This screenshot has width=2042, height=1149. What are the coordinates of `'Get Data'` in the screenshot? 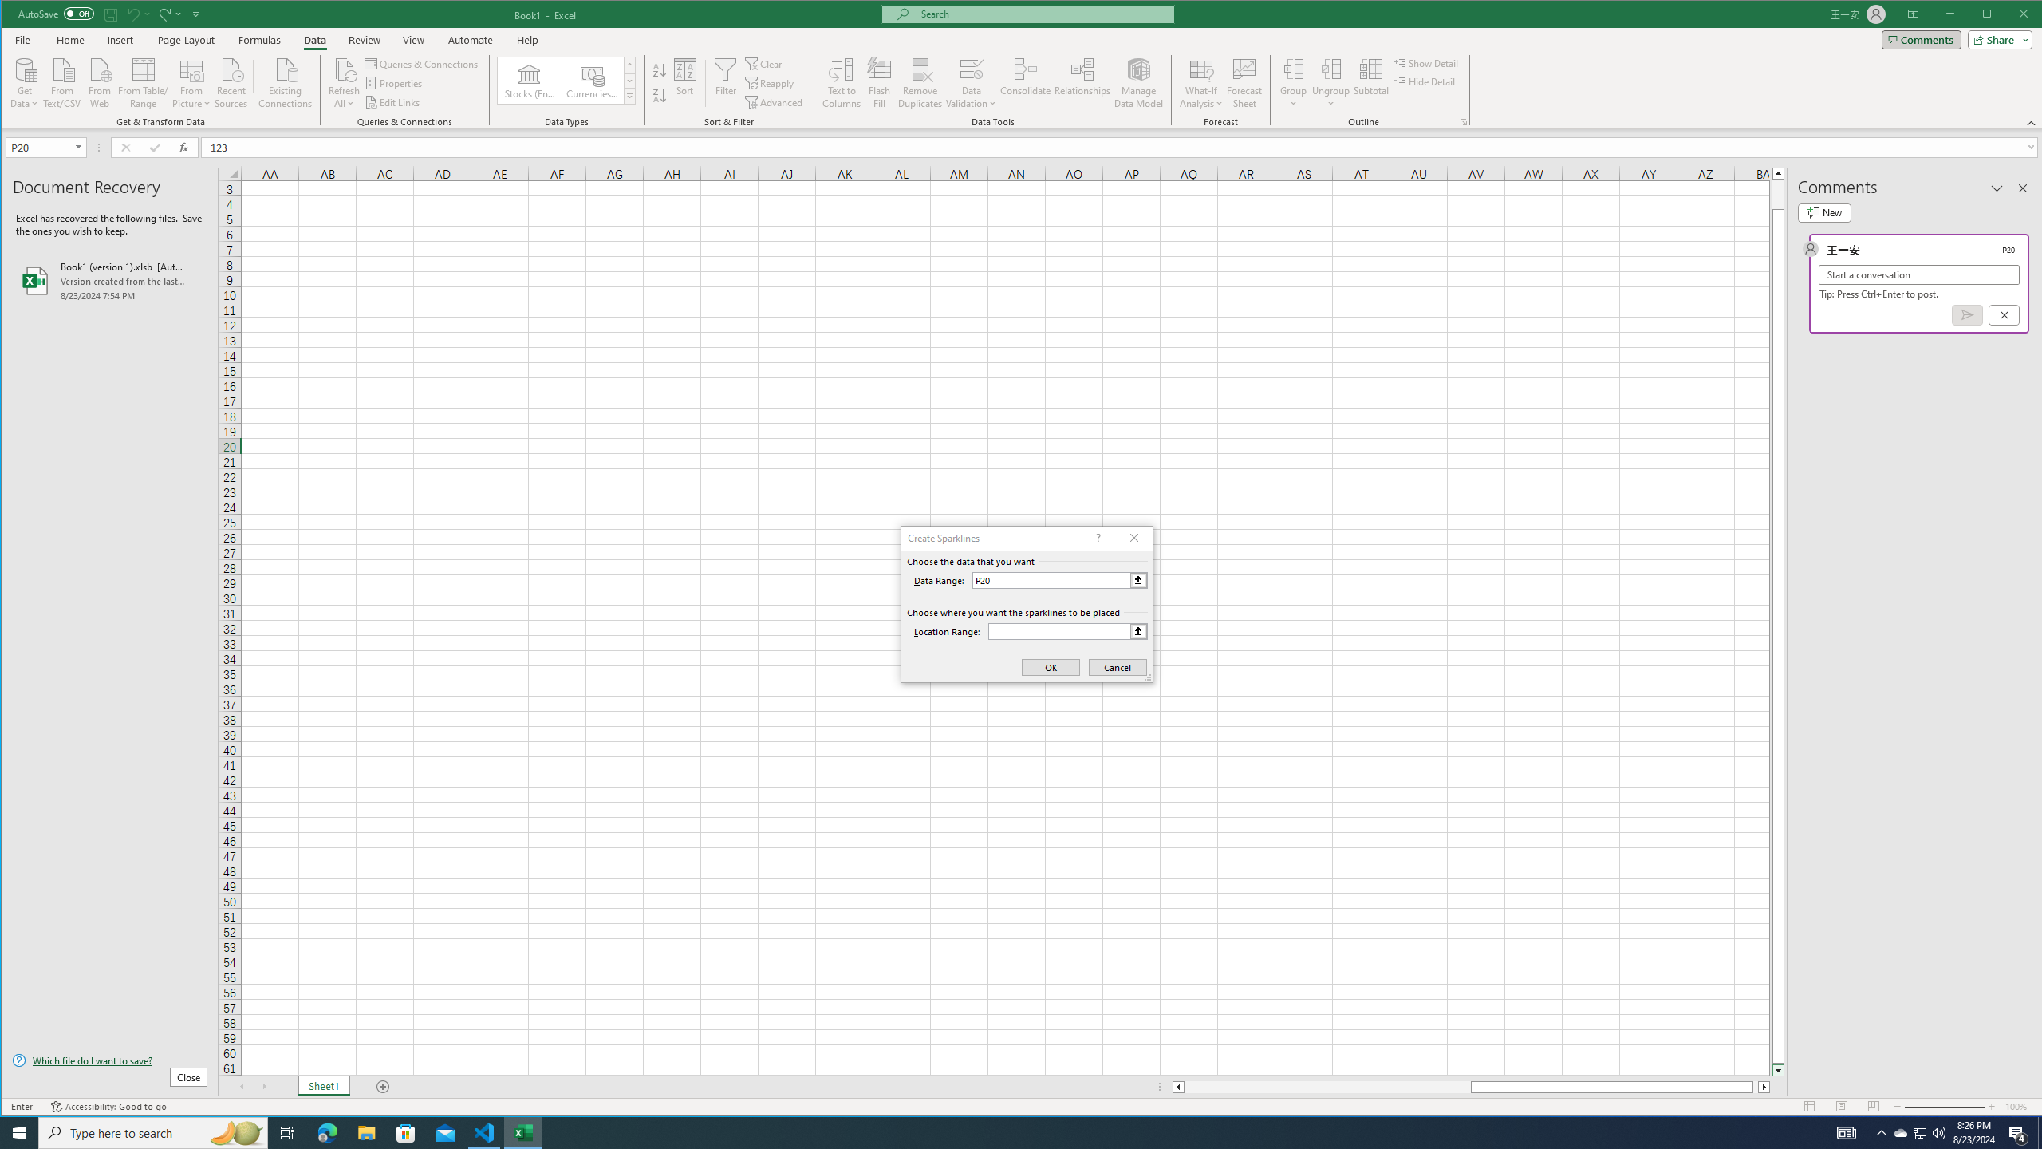 It's located at (23, 81).